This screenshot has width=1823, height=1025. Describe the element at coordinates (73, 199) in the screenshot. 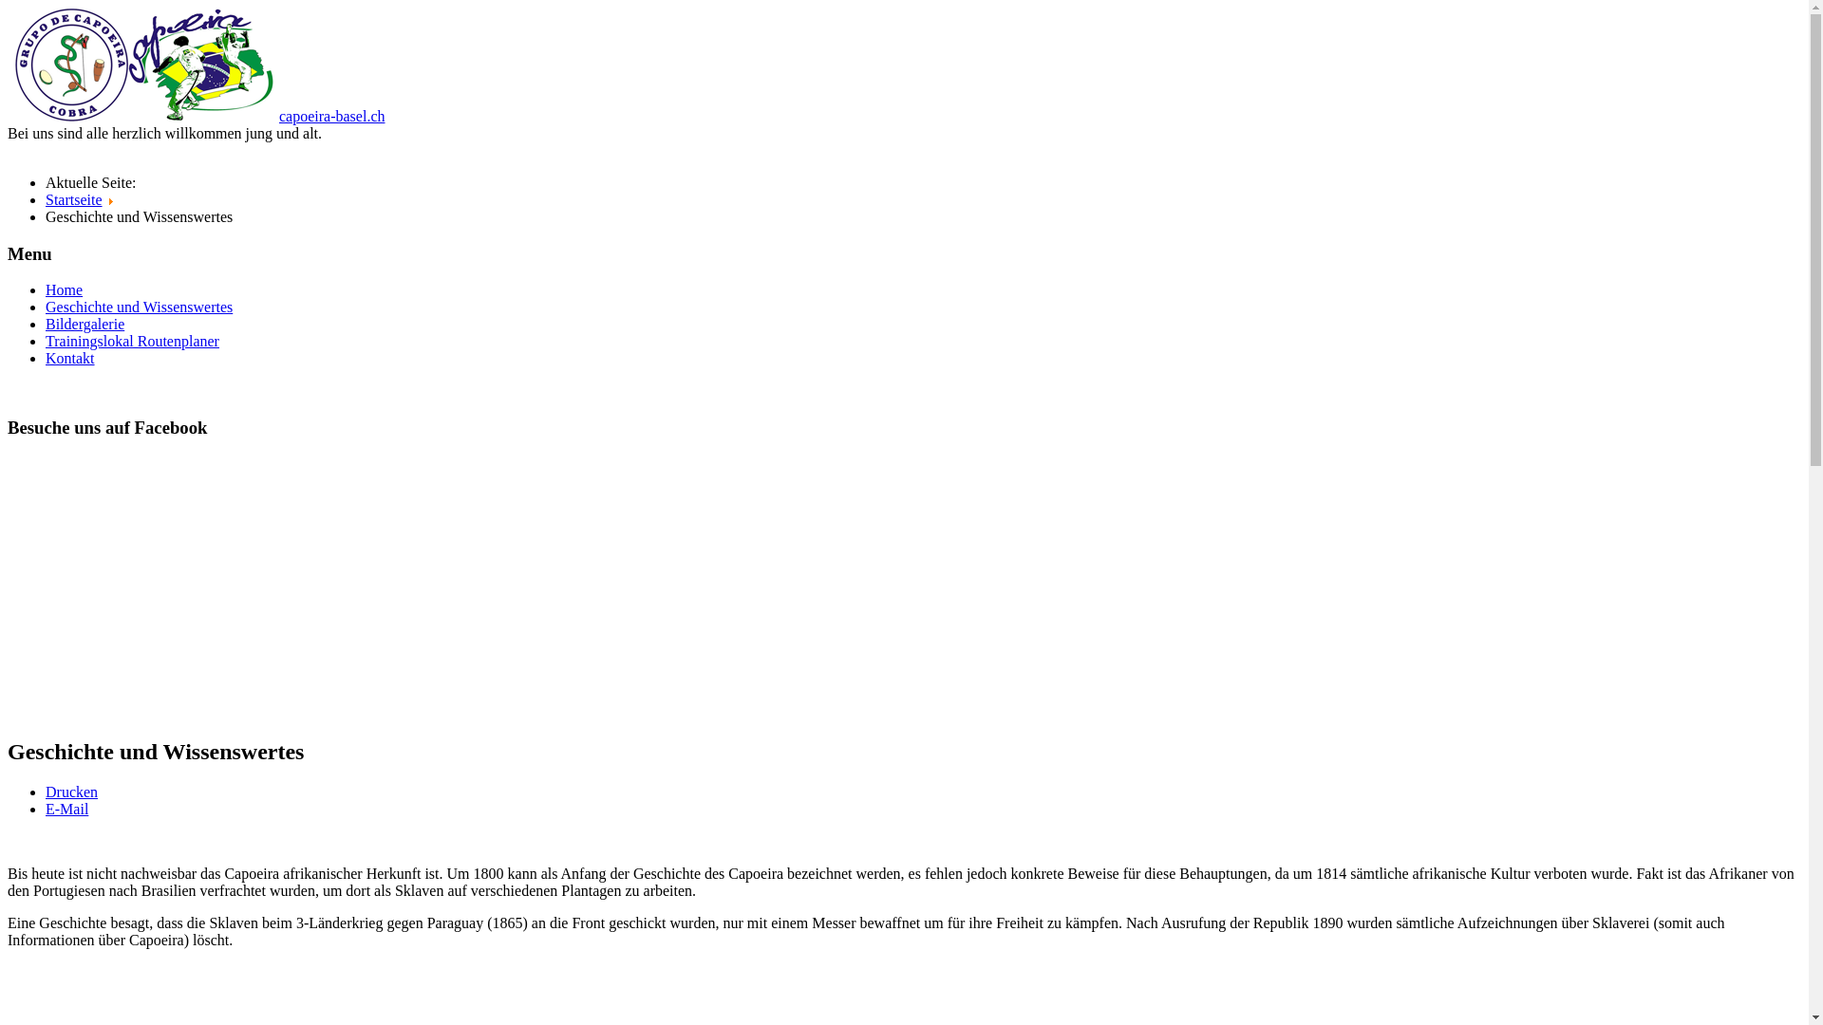

I see `'Startseite'` at that location.